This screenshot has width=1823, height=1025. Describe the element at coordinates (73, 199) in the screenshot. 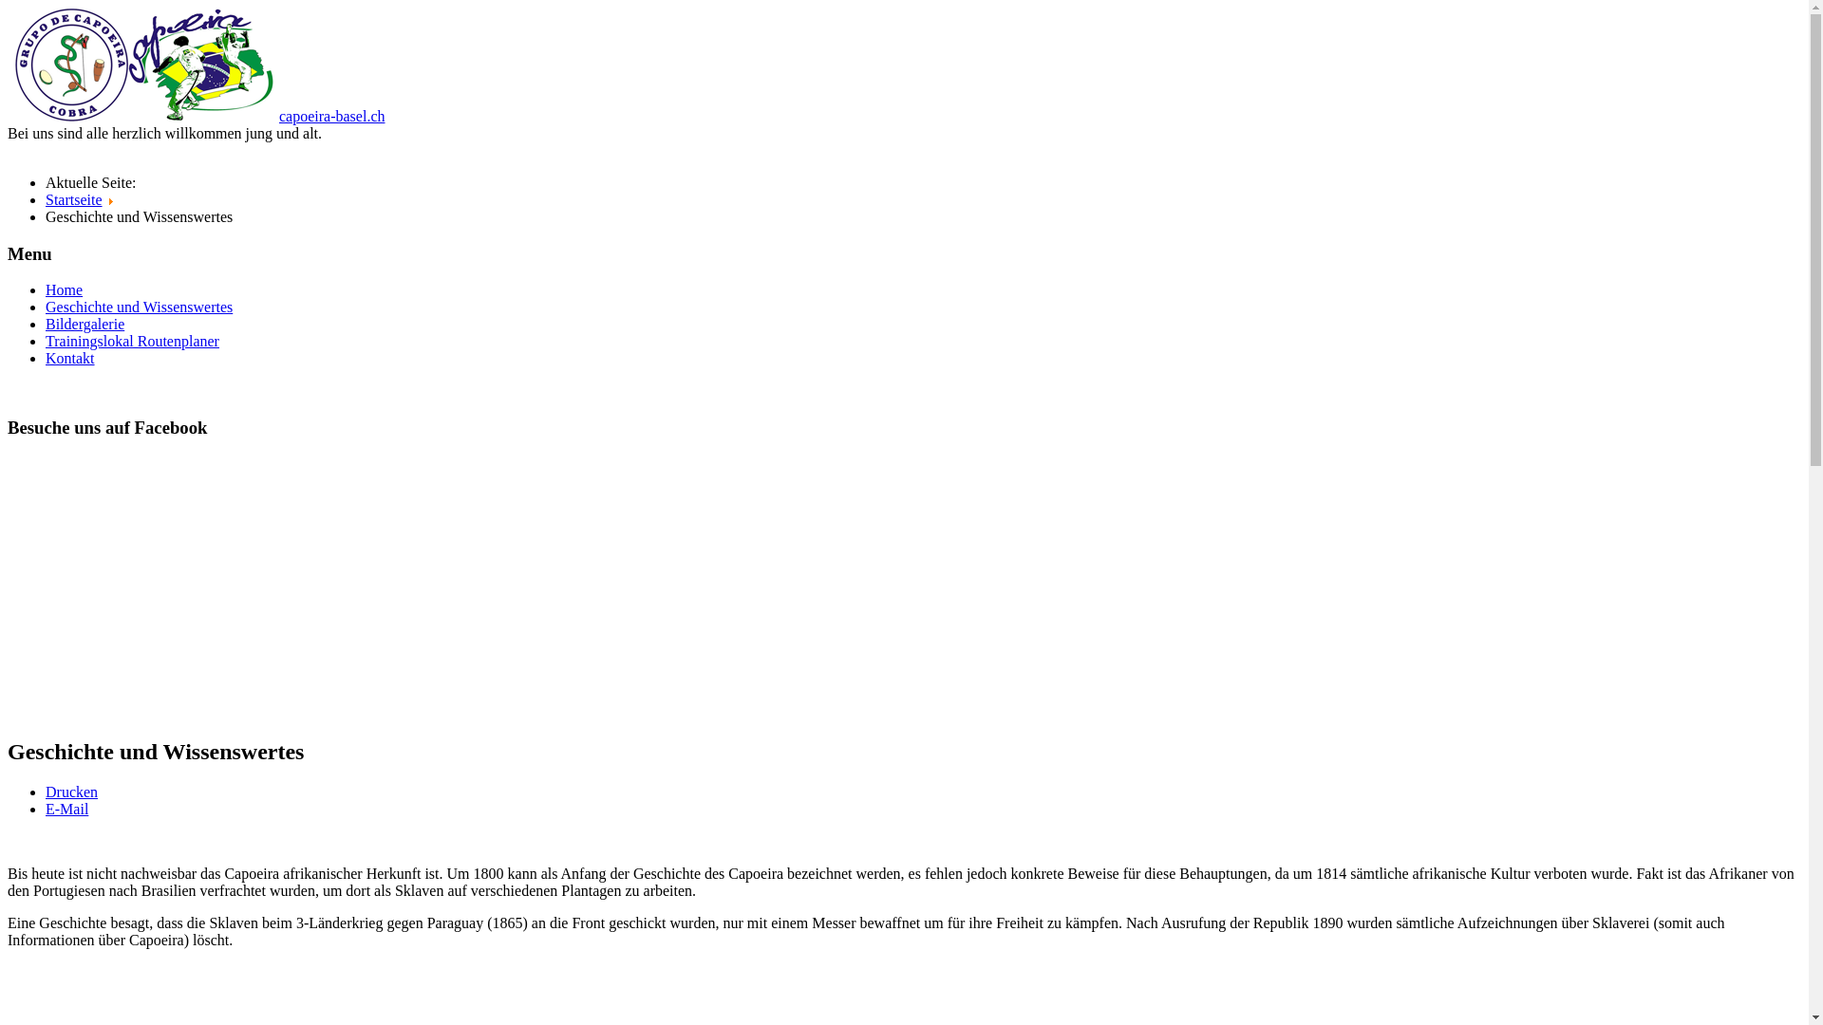

I see `'Startseite'` at that location.